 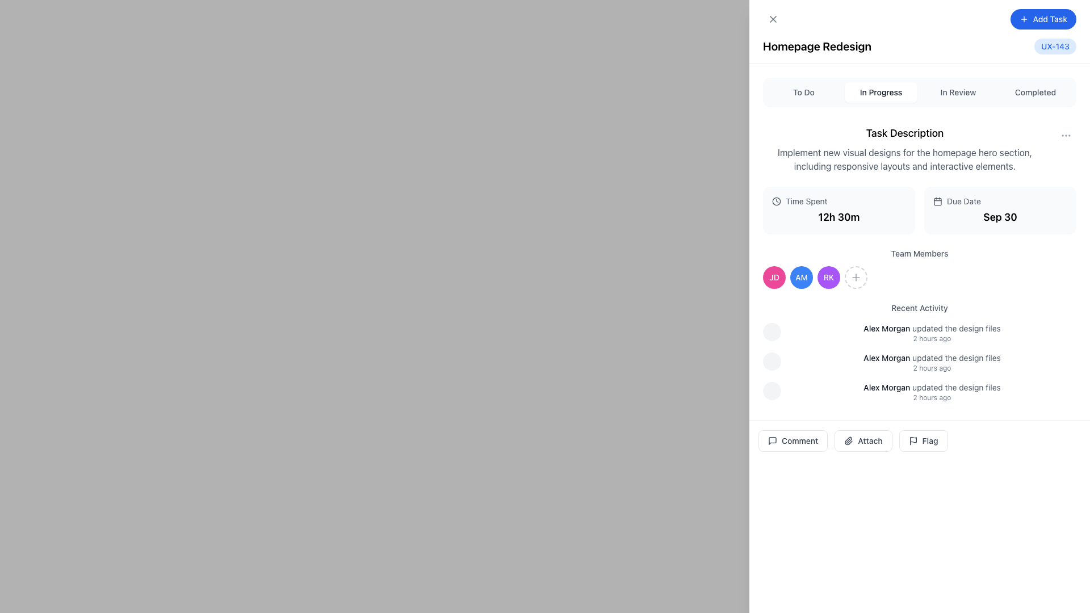 I want to click on the small, rounded, pill-shaped label with light blue background and text 'UX-143' located beside the header 'Homepage Redesign', so click(x=1054, y=45).